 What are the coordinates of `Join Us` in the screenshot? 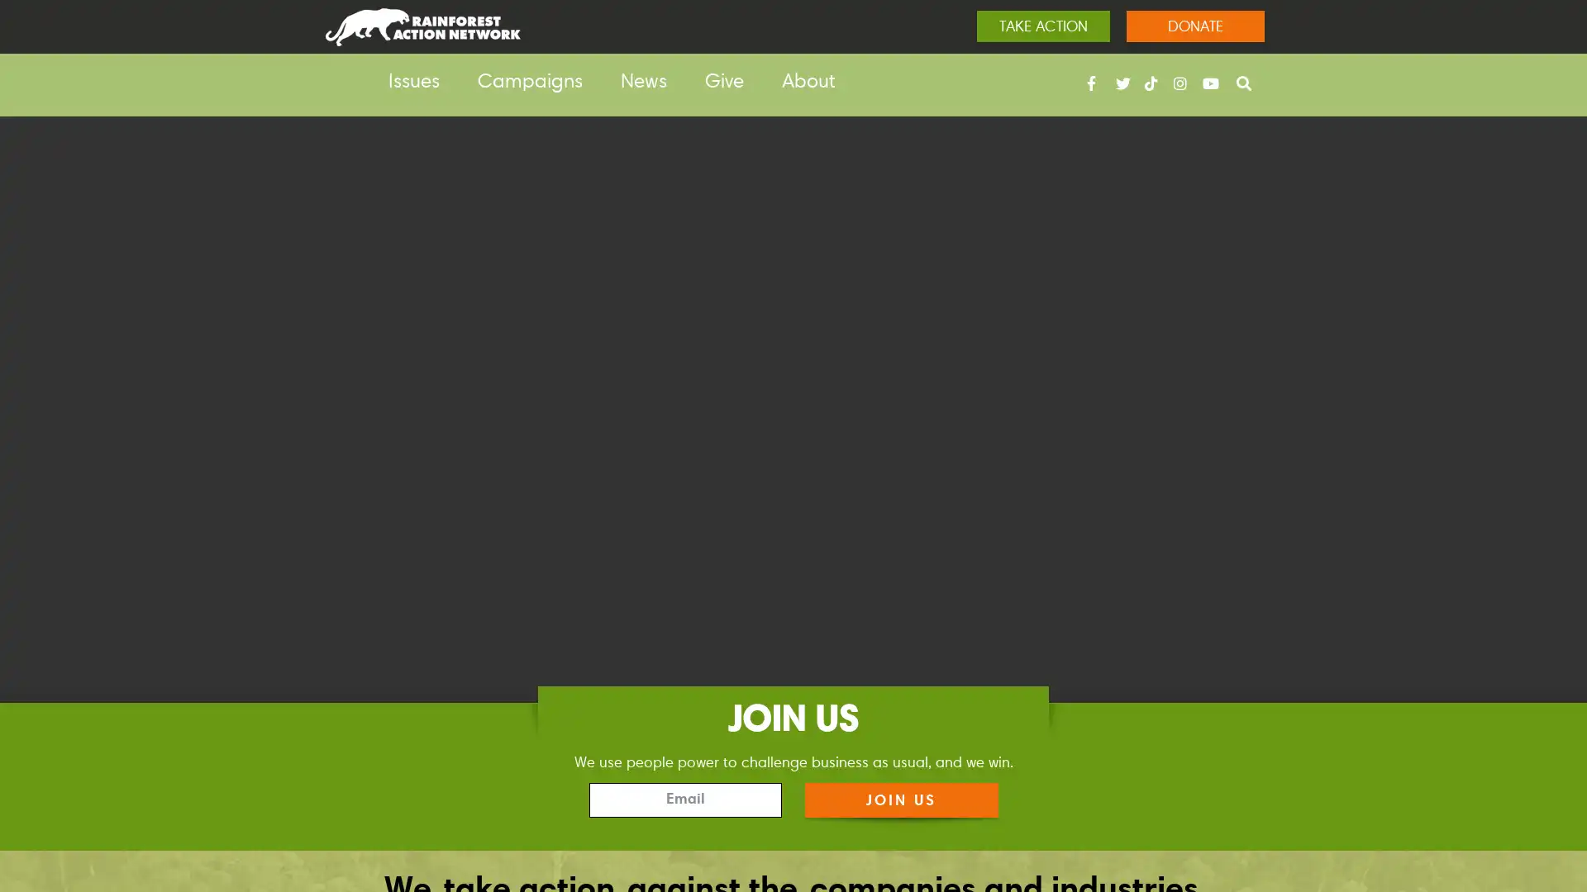 It's located at (899, 799).